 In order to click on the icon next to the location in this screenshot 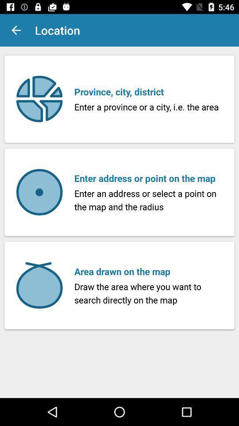, I will do `click(16, 30)`.